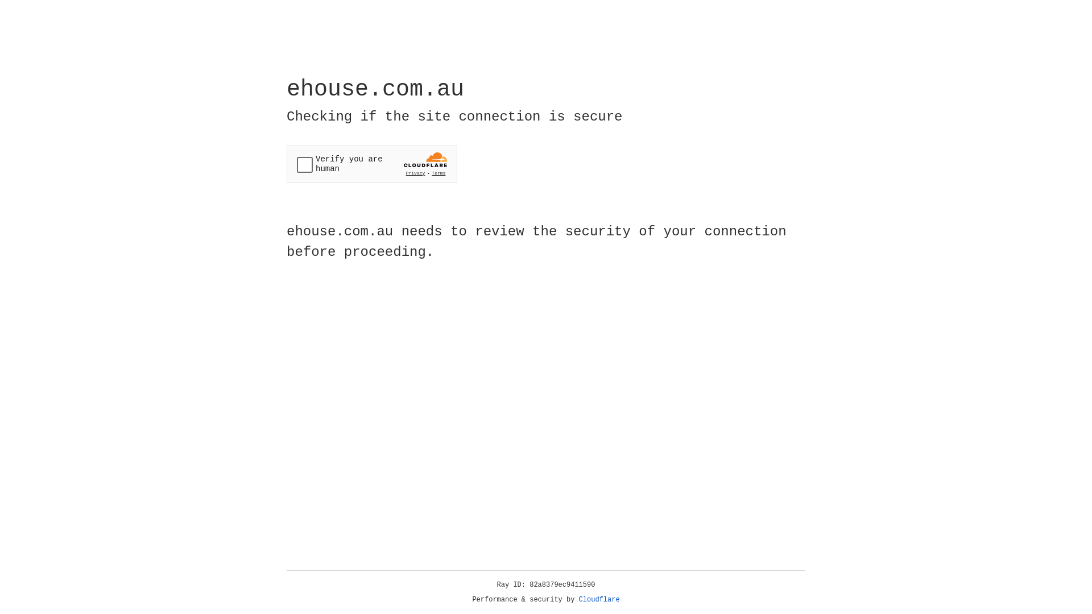  I want to click on 'Cloudflare', so click(599, 599).